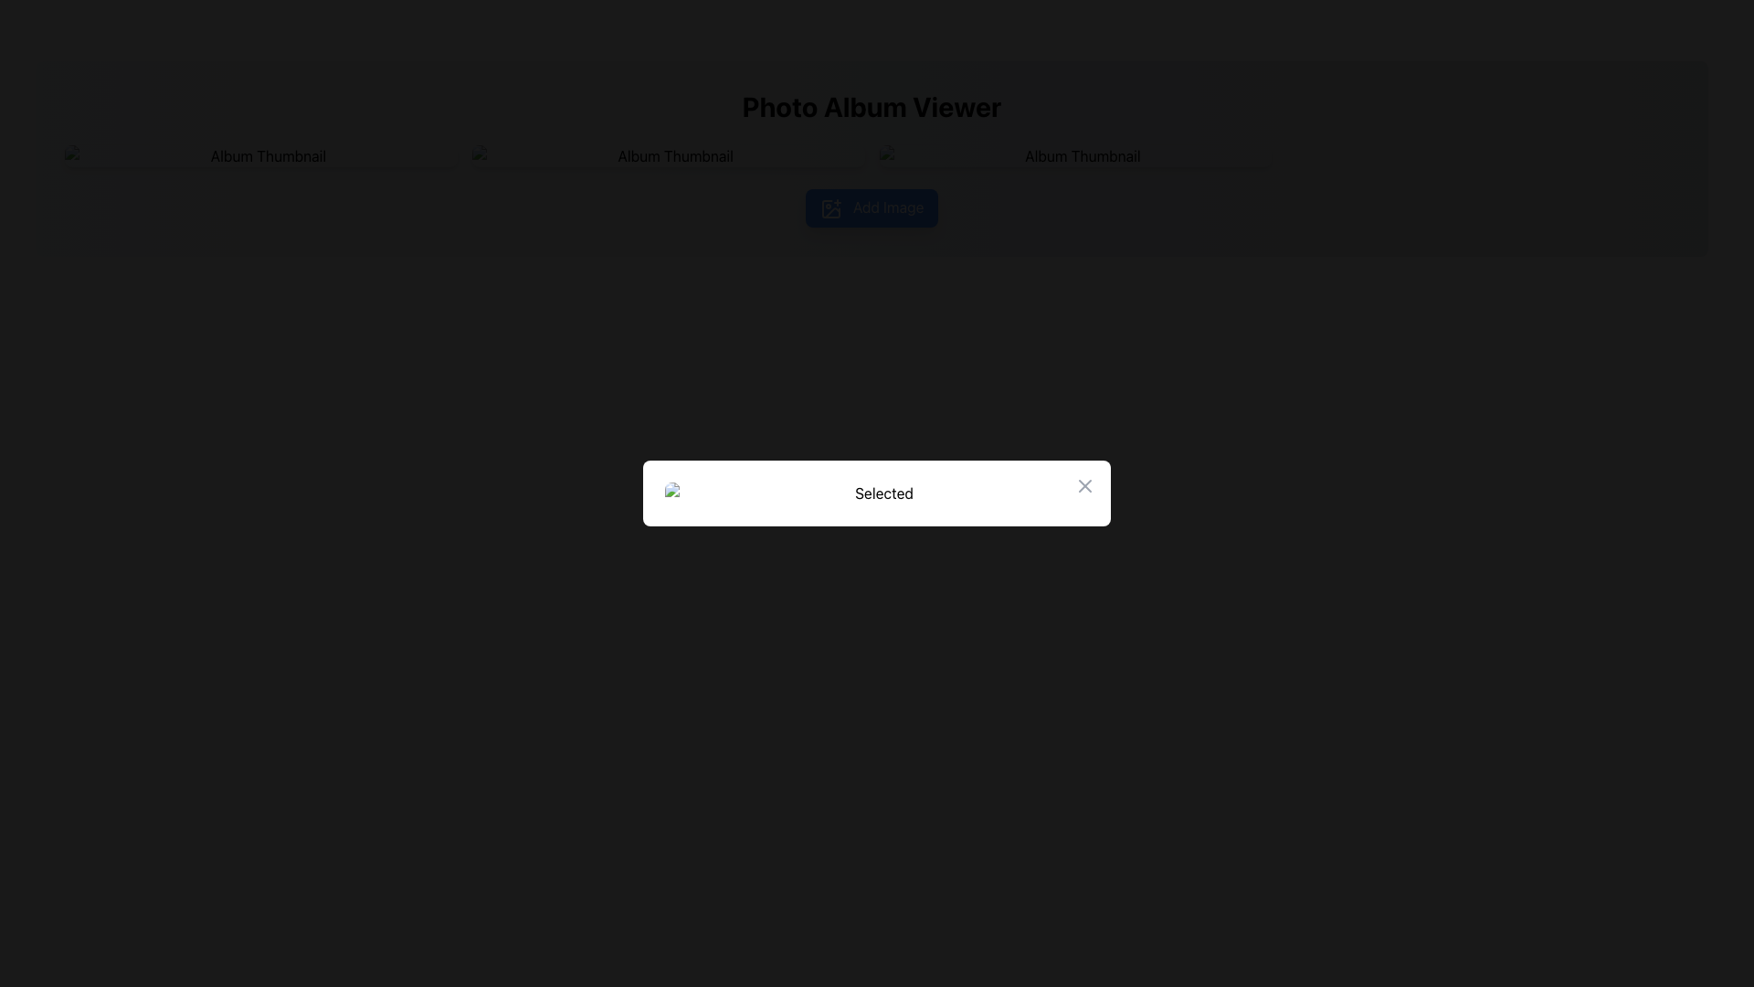  Describe the element at coordinates (1085, 485) in the screenshot. I see `the 'X' shaped SVG icon located in the top-right corner of the modal's toolbar` at that location.